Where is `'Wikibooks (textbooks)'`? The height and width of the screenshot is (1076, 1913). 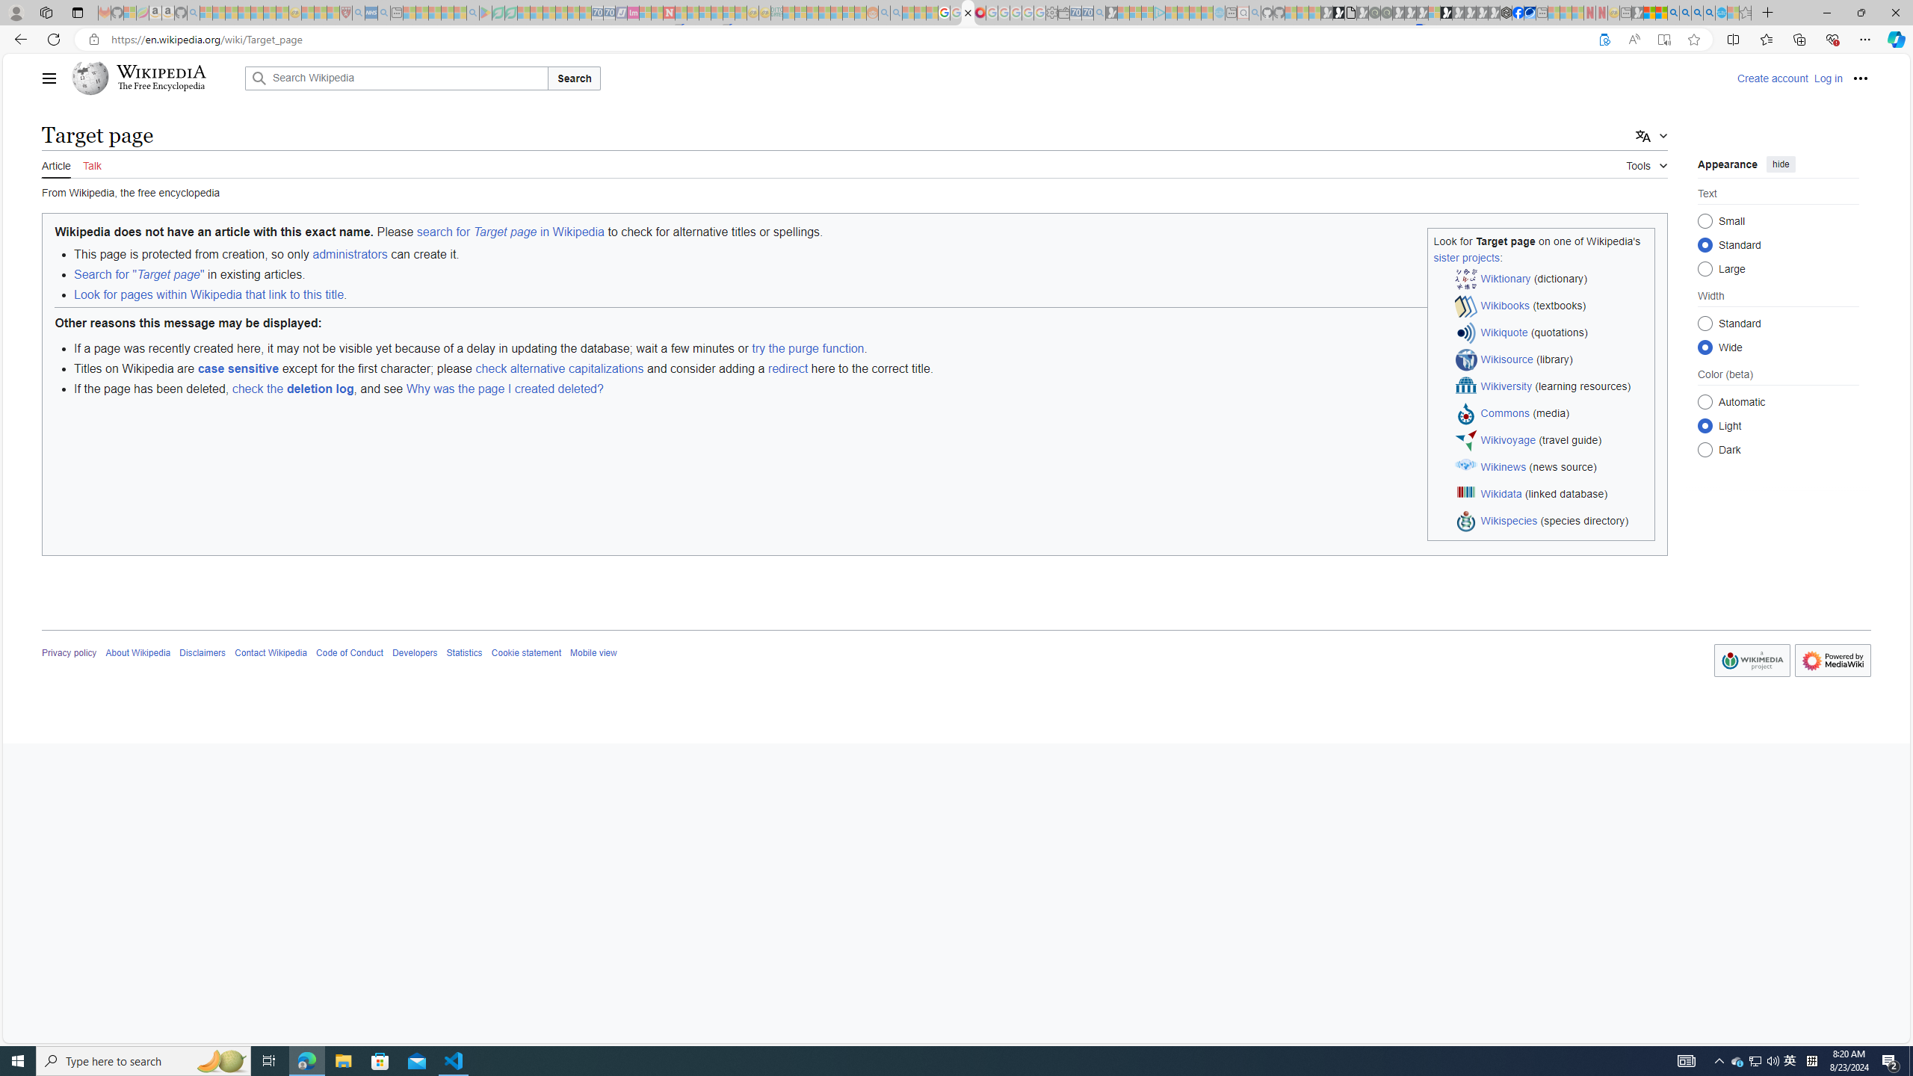
'Wikibooks (textbooks)' is located at coordinates (1551, 306).